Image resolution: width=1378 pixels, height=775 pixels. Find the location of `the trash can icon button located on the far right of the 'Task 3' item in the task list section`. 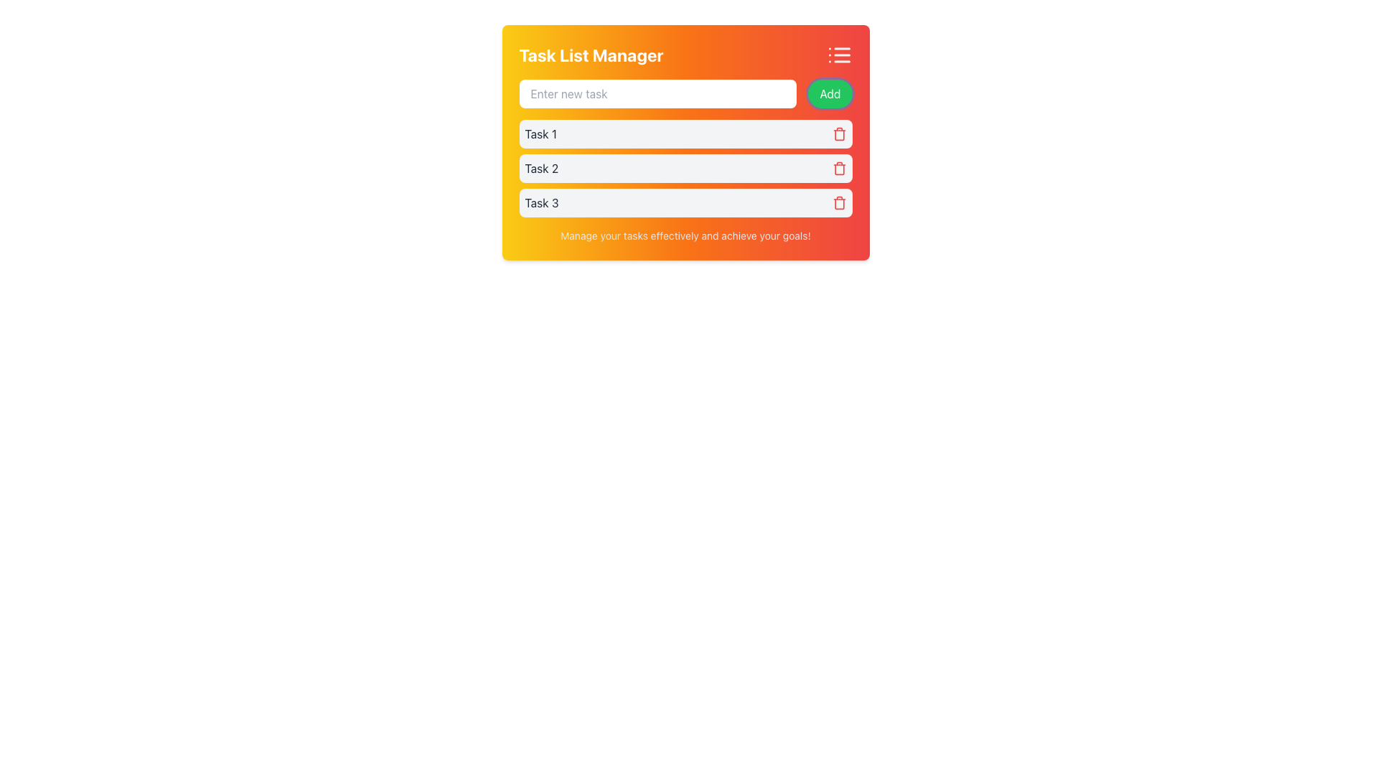

the trash can icon button located on the far right of the 'Task 3' item in the task list section is located at coordinates (839, 202).